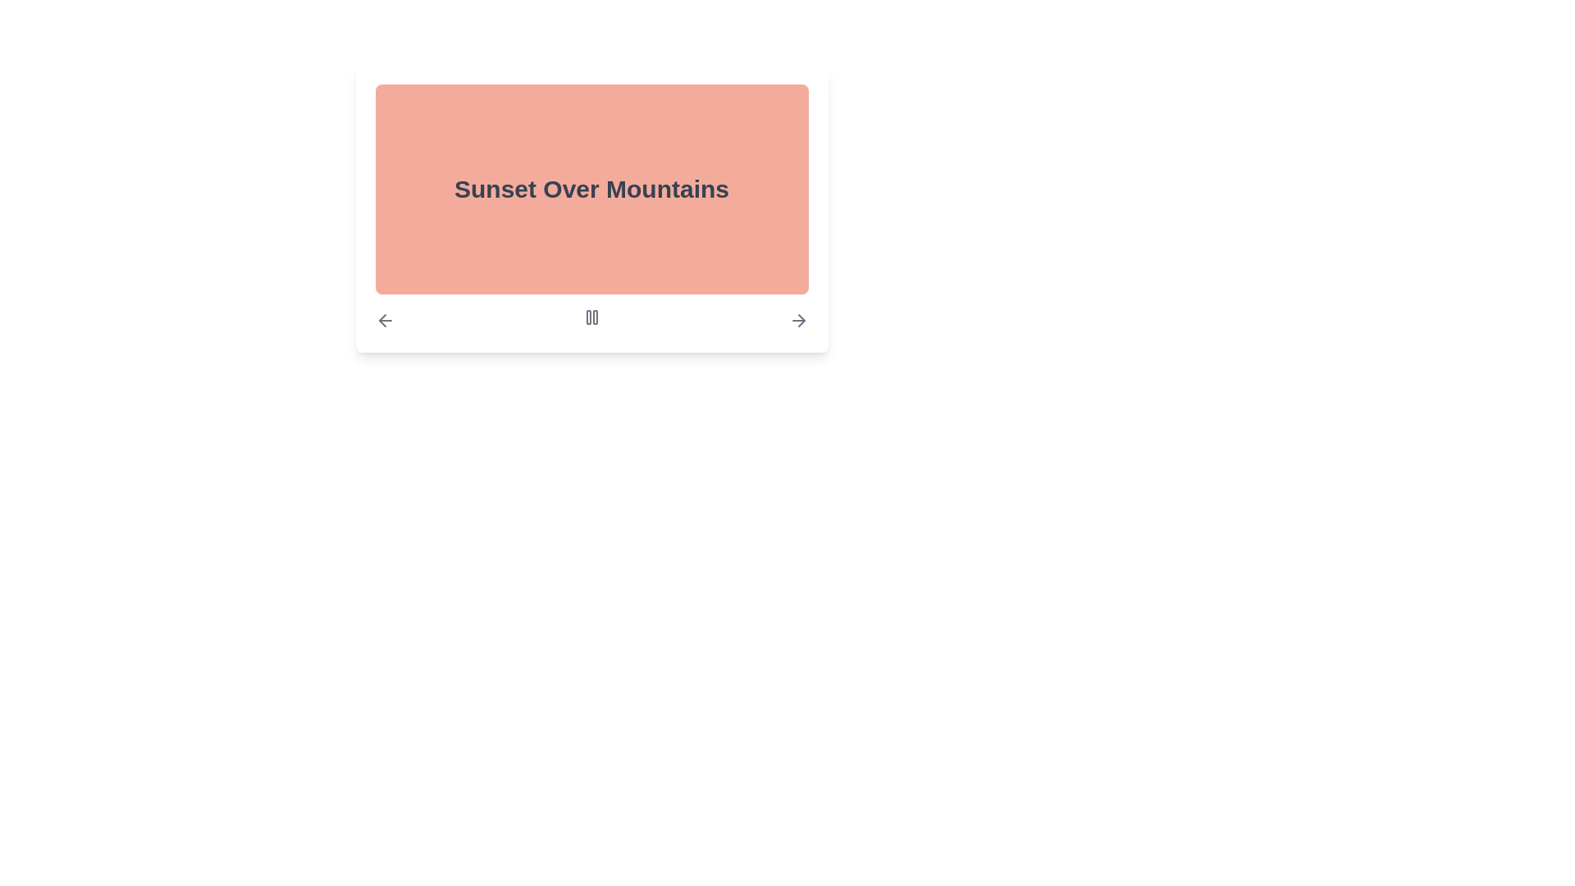 This screenshot has height=886, width=1575. What do you see at coordinates (381, 319) in the screenshot?
I see `the minimalist leftward arrow icon` at bounding box center [381, 319].